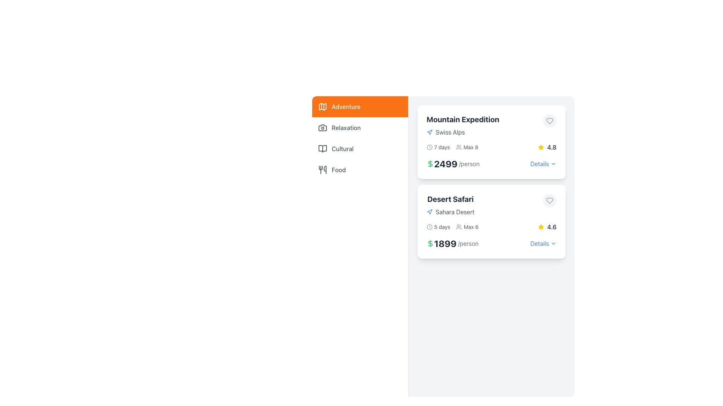  What do you see at coordinates (539, 163) in the screenshot?
I see `the 'Details' interactive link or button, which is styled in blue and located` at bounding box center [539, 163].